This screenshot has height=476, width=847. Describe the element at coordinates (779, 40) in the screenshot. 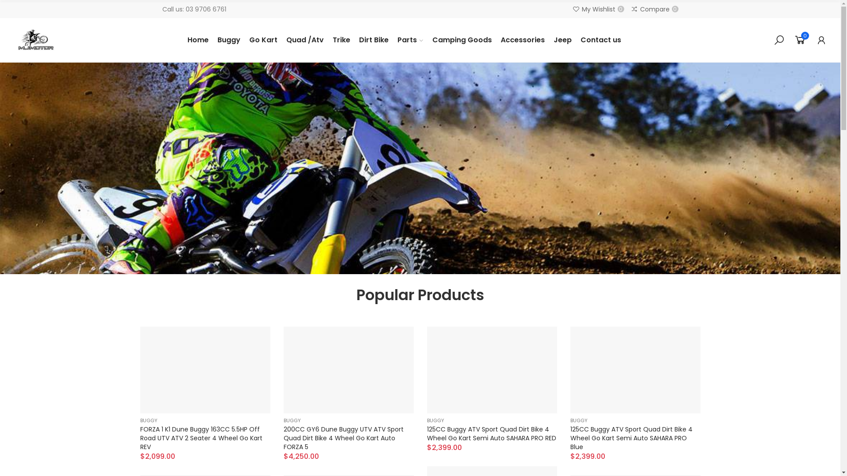

I see `'Search'` at that location.